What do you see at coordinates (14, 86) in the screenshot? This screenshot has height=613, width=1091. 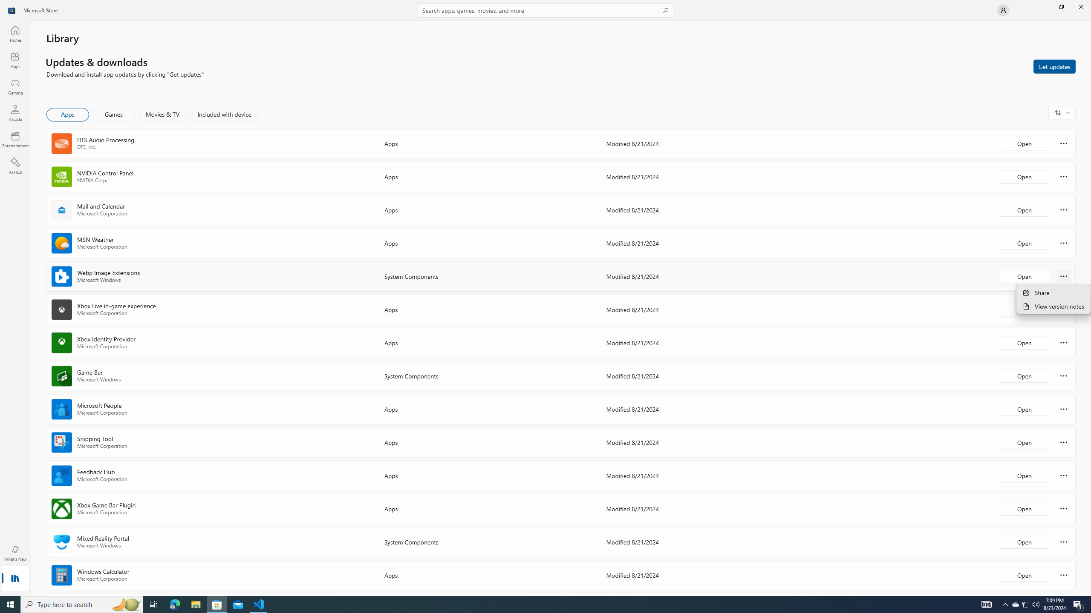 I see `'Gaming'` at bounding box center [14, 86].